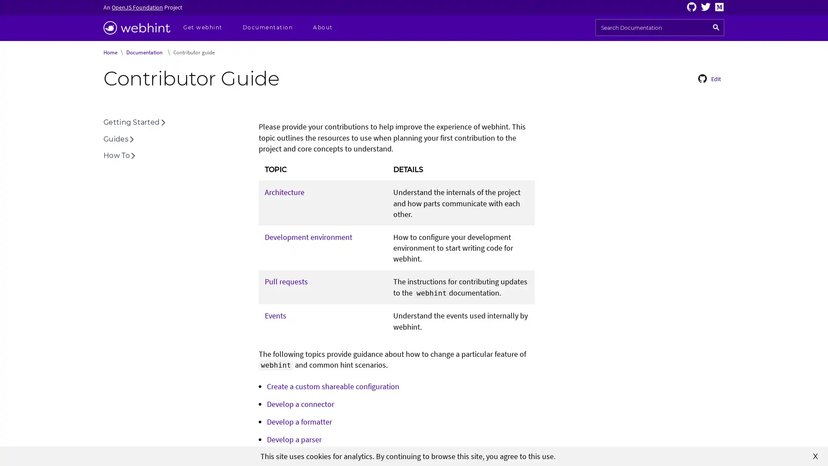 The image size is (828, 466). I want to click on close, so click(815, 455).